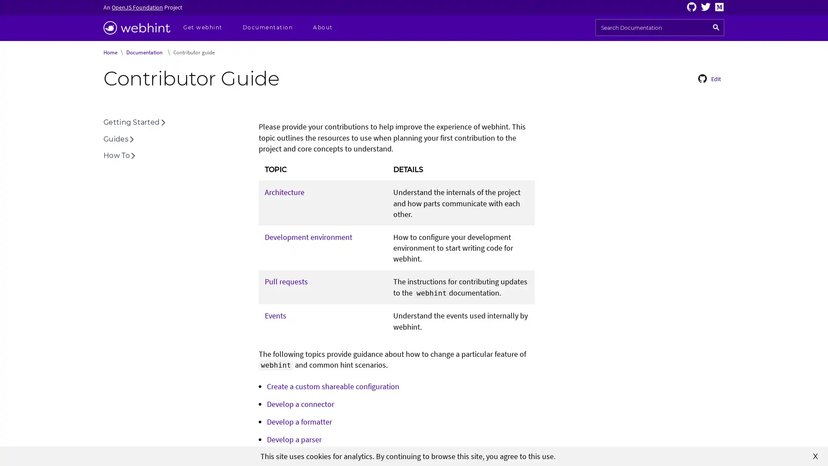 The image size is (828, 466). I want to click on close, so click(815, 455).